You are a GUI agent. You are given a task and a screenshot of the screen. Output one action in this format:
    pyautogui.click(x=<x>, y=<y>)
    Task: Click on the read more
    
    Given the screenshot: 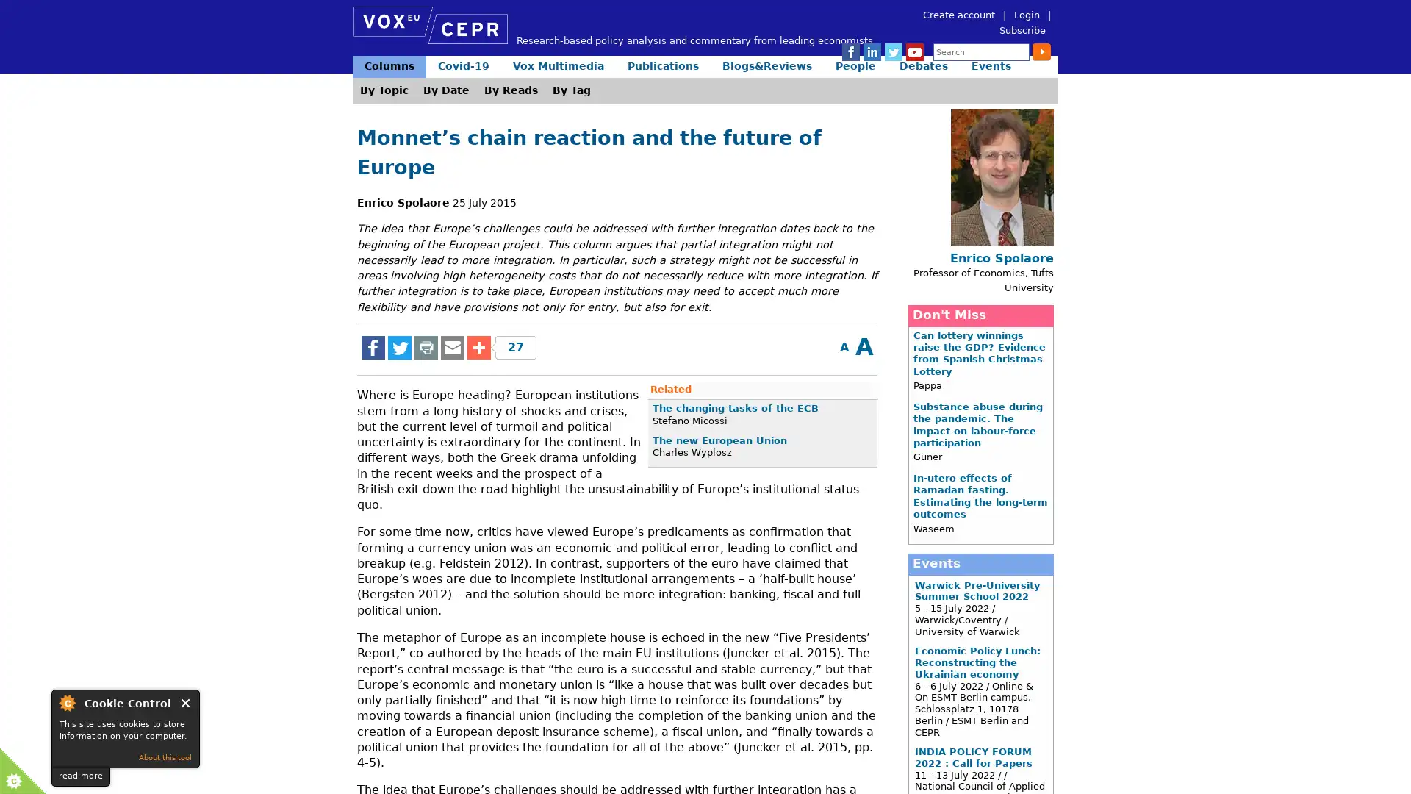 What is the action you would take?
    pyautogui.click(x=80, y=776)
    